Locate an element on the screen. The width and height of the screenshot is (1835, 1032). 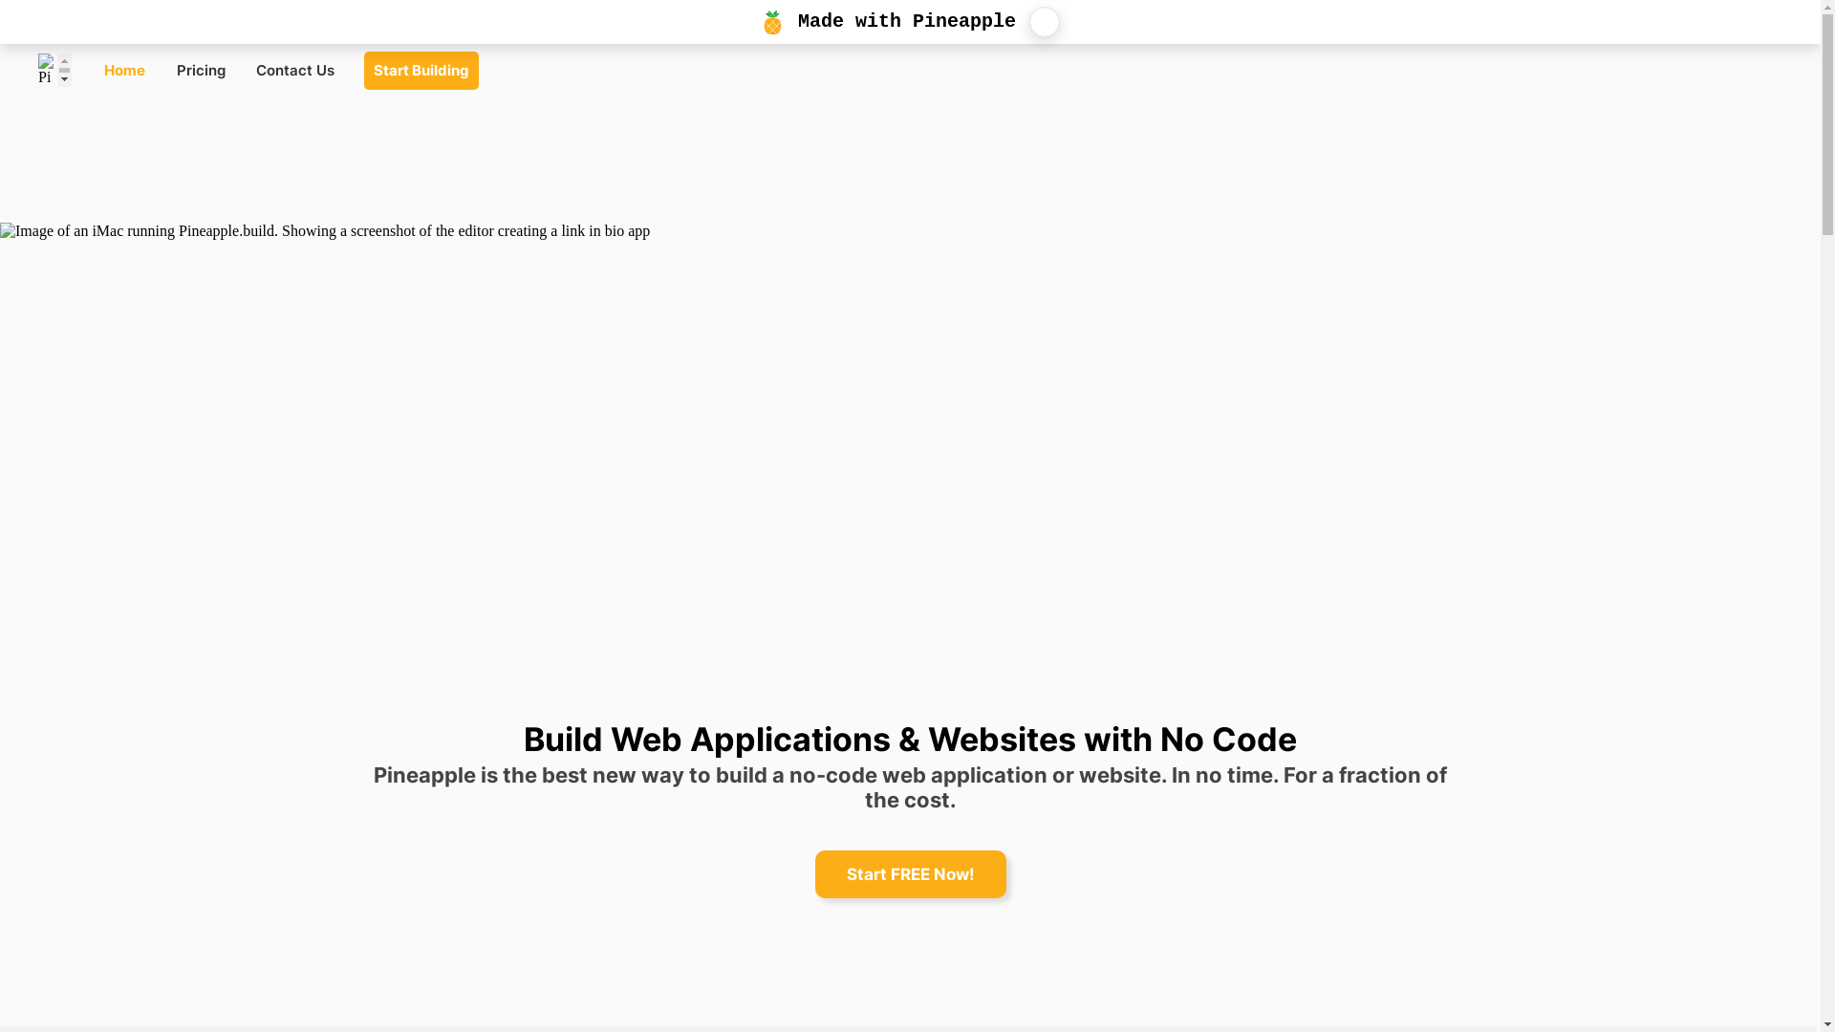
'Contact Us' is located at coordinates (243, 69).